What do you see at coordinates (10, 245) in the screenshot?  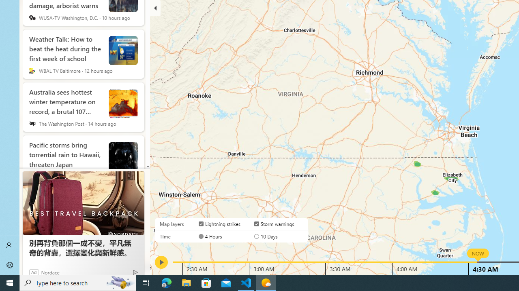 I see `'Sign in'` at bounding box center [10, 245].